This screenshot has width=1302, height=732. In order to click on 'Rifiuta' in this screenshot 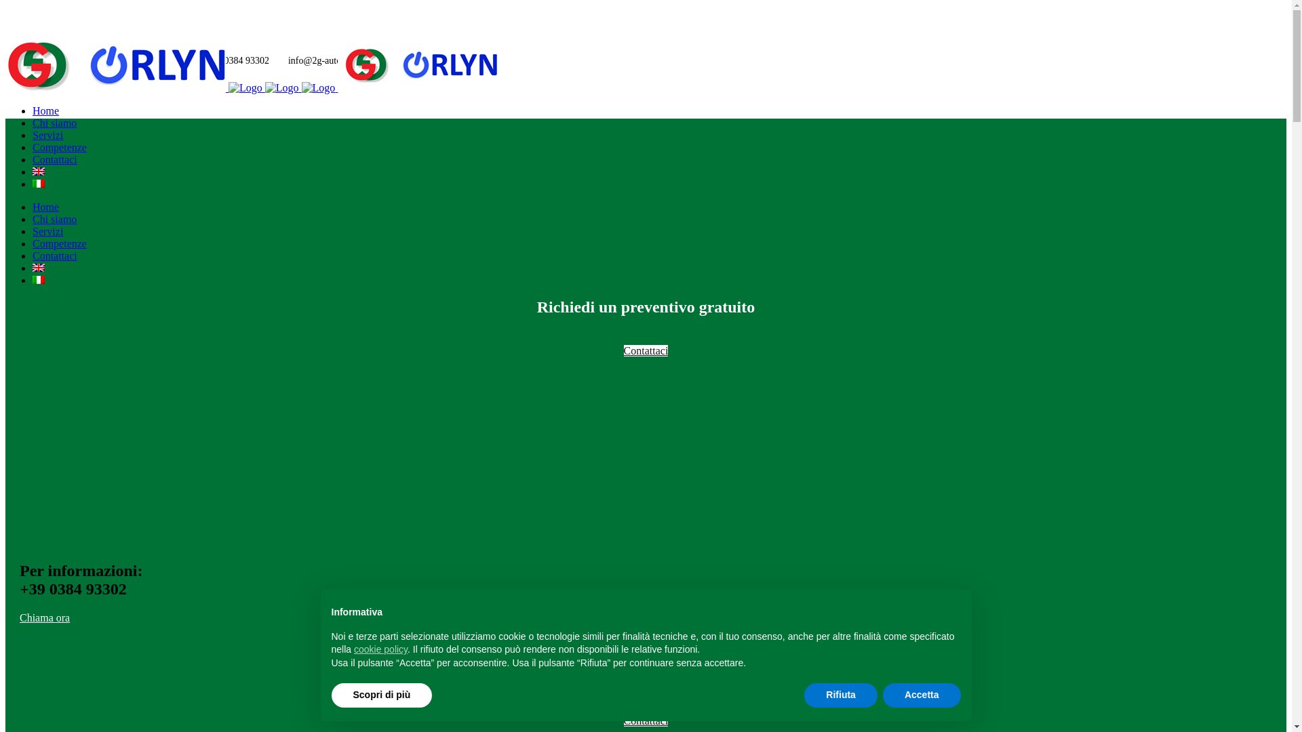, I will do `click(804, 695)`.